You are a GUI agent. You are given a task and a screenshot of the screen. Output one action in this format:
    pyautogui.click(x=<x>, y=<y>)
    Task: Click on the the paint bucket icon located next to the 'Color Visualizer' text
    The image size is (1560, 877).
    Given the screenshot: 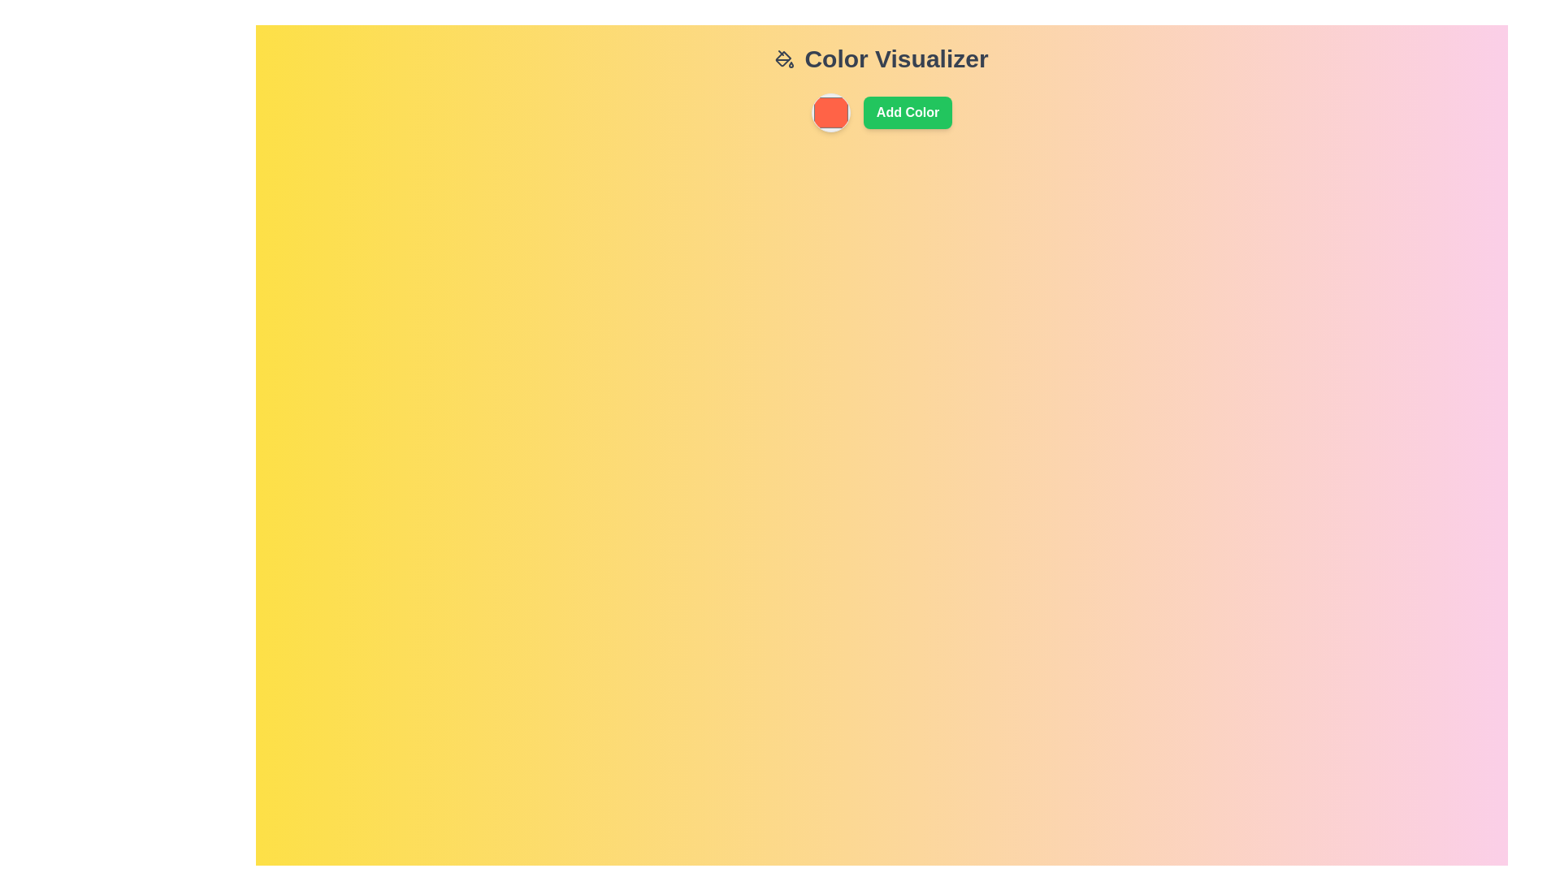 What is the action you would take?
    pyautogui.click(x=785, y=58)
    